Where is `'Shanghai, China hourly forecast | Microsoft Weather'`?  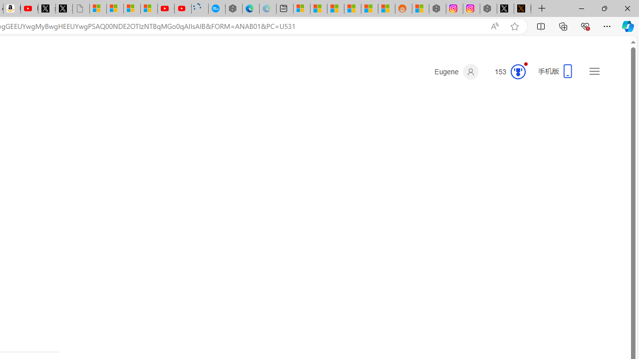
'Shanghai, China hourly forecast | Microsoft Weather' is located at coordinates (335, 8).